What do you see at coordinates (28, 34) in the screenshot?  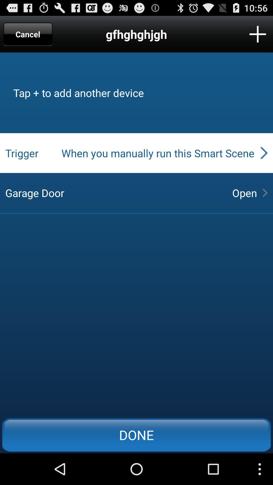 I see `cancel` at bounding box center [28, 34].